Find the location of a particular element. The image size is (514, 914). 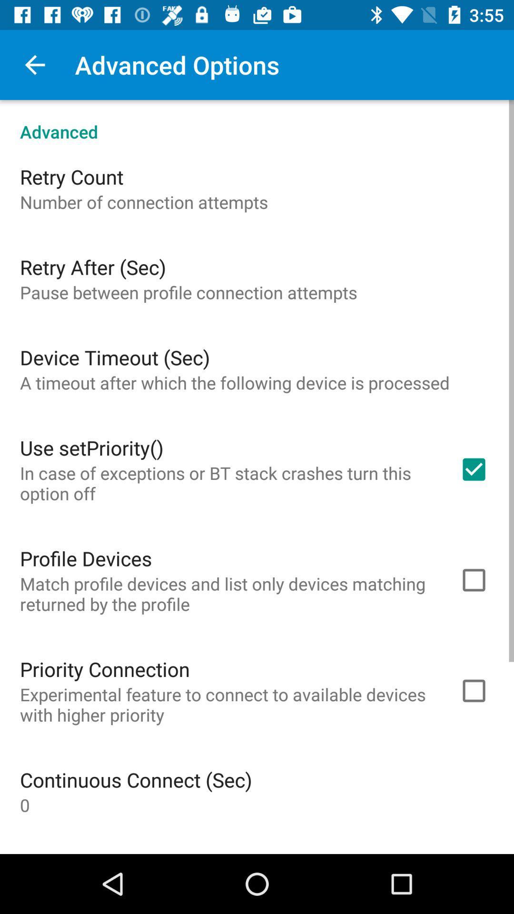

the item above the device timeout (sec) item is located at coordinates (188, 292).